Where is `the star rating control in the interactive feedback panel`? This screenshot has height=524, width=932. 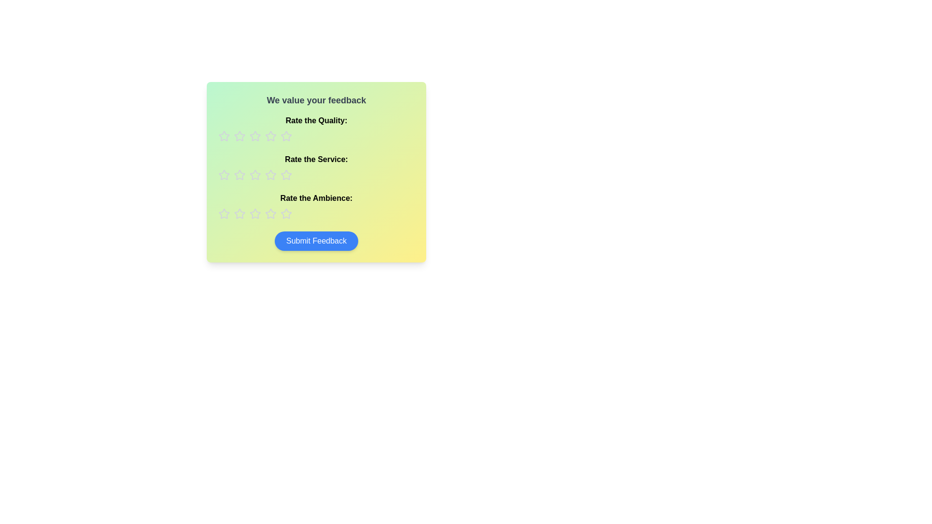
the star rating control in the interactive feedback panel is located at coordinates (316, 171).